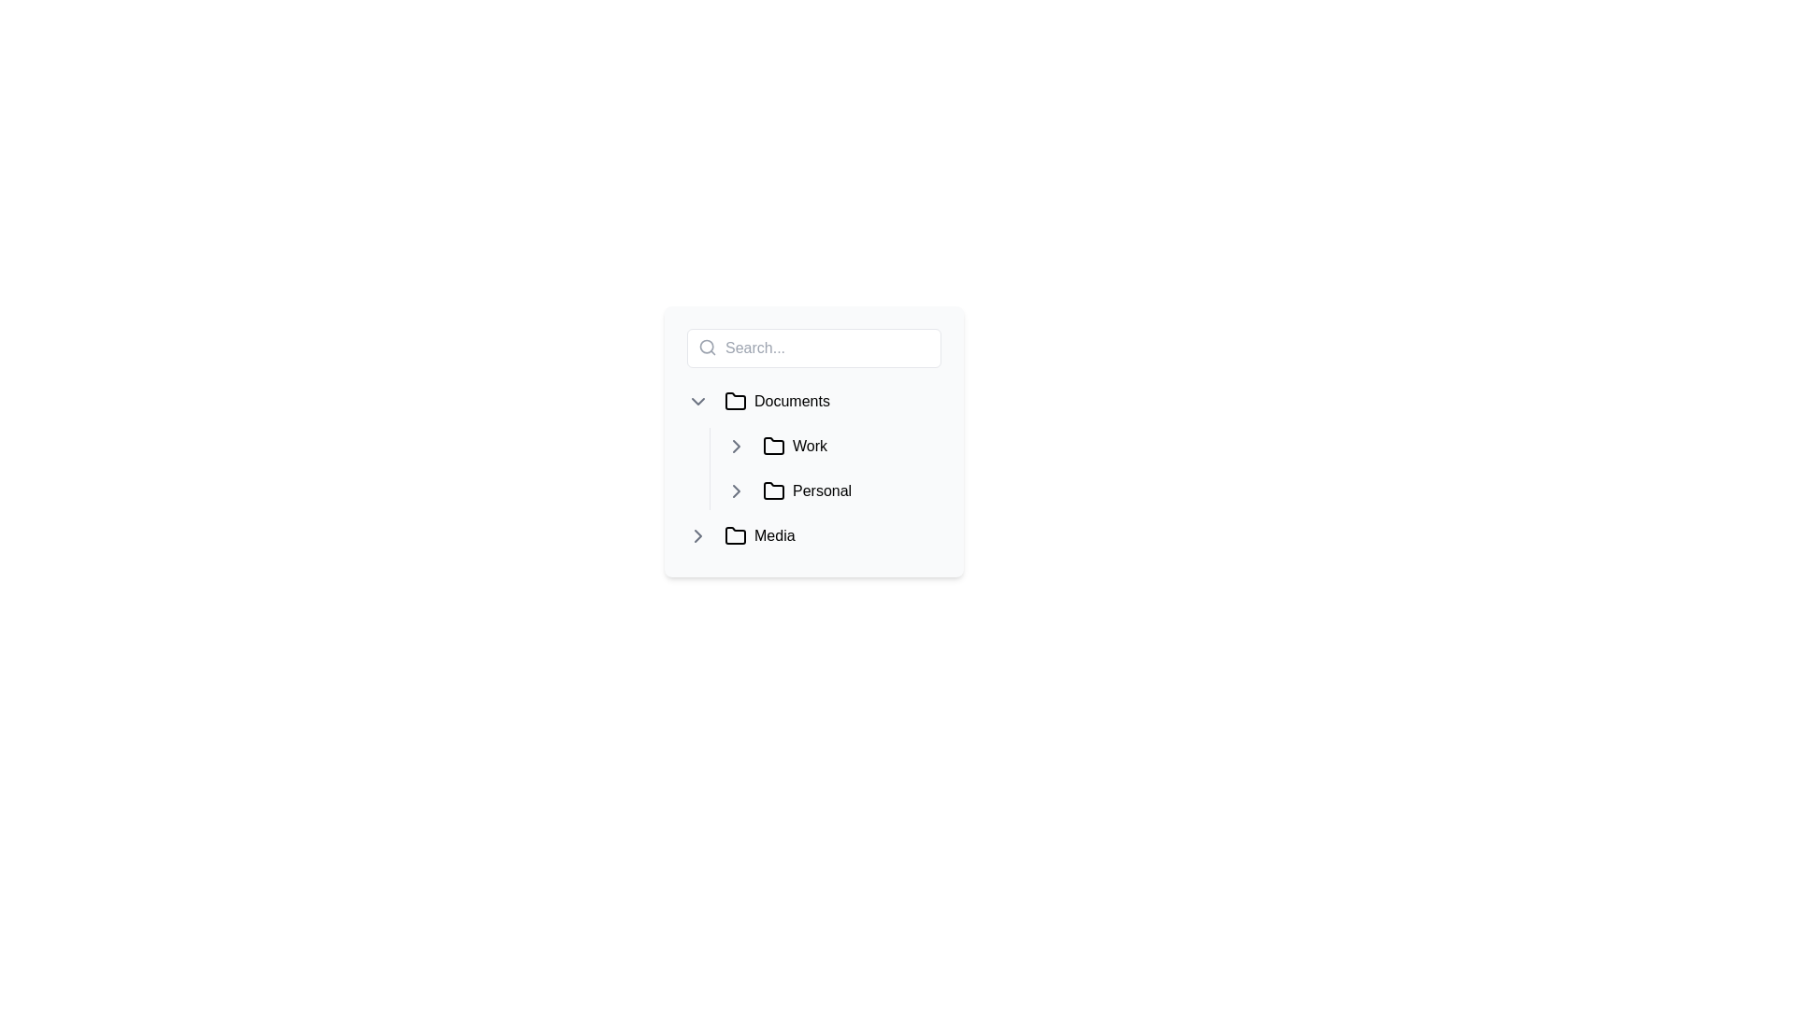 The image size is (1795, 1009). What do you see at coordinates (735, 447) in the screenshot?
I see `right-facing arrow icon with a slender, minimalistic design located to the left of the 'Work' folder item in the folder tree view for debugging purposes` at bounding box center [735, 447].